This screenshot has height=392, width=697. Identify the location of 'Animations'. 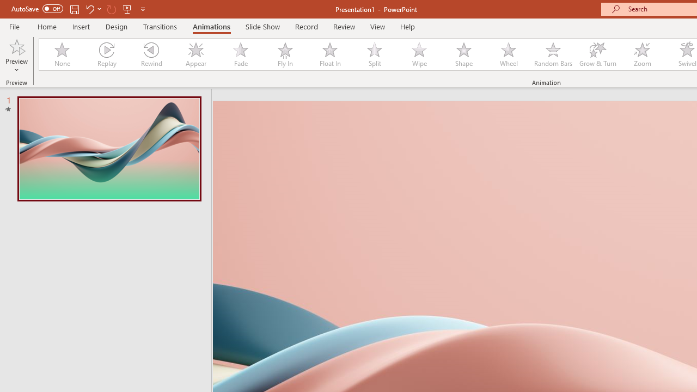
(211, 26).